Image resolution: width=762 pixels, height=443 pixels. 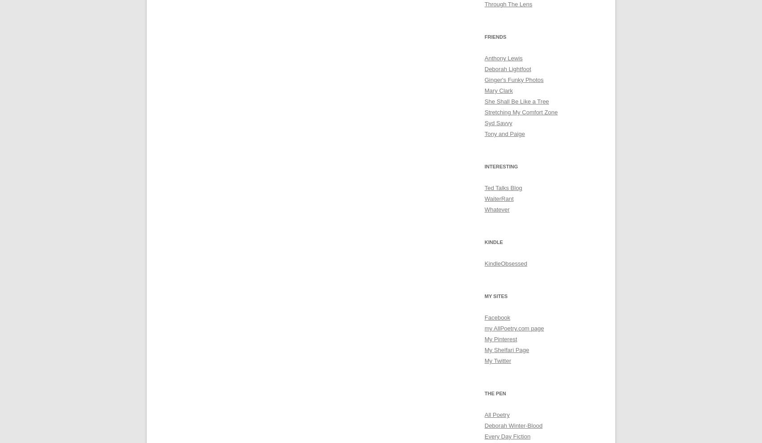 What do you see at coordinates (484, 415) in the screenshot?
I see `'All Poetry'` at bounding box center [484, 415].